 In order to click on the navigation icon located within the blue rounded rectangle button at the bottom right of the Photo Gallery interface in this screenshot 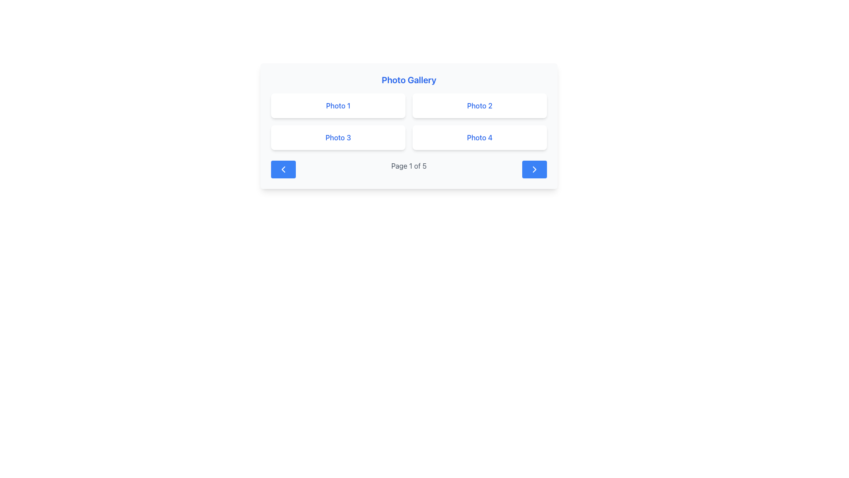, I will do `click(534, 169)`.